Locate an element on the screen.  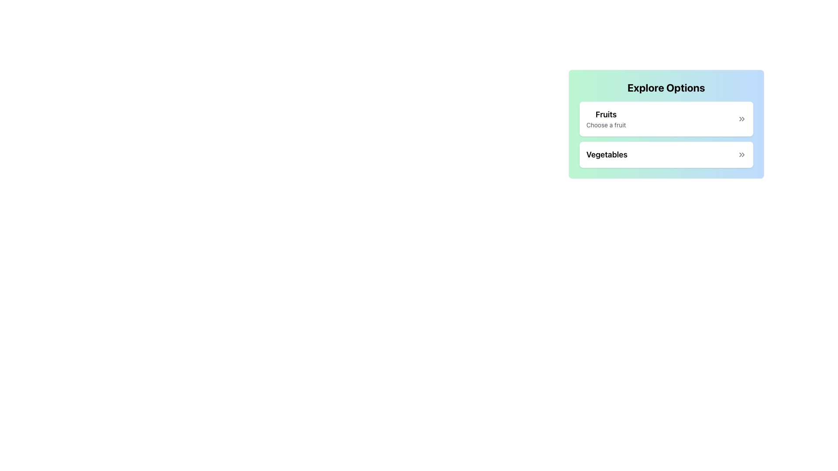
the icon located to the right of the text 'Fruits' and 'Choose a fruit' within the 'Fruits' section is located at coordinates (741, 119).